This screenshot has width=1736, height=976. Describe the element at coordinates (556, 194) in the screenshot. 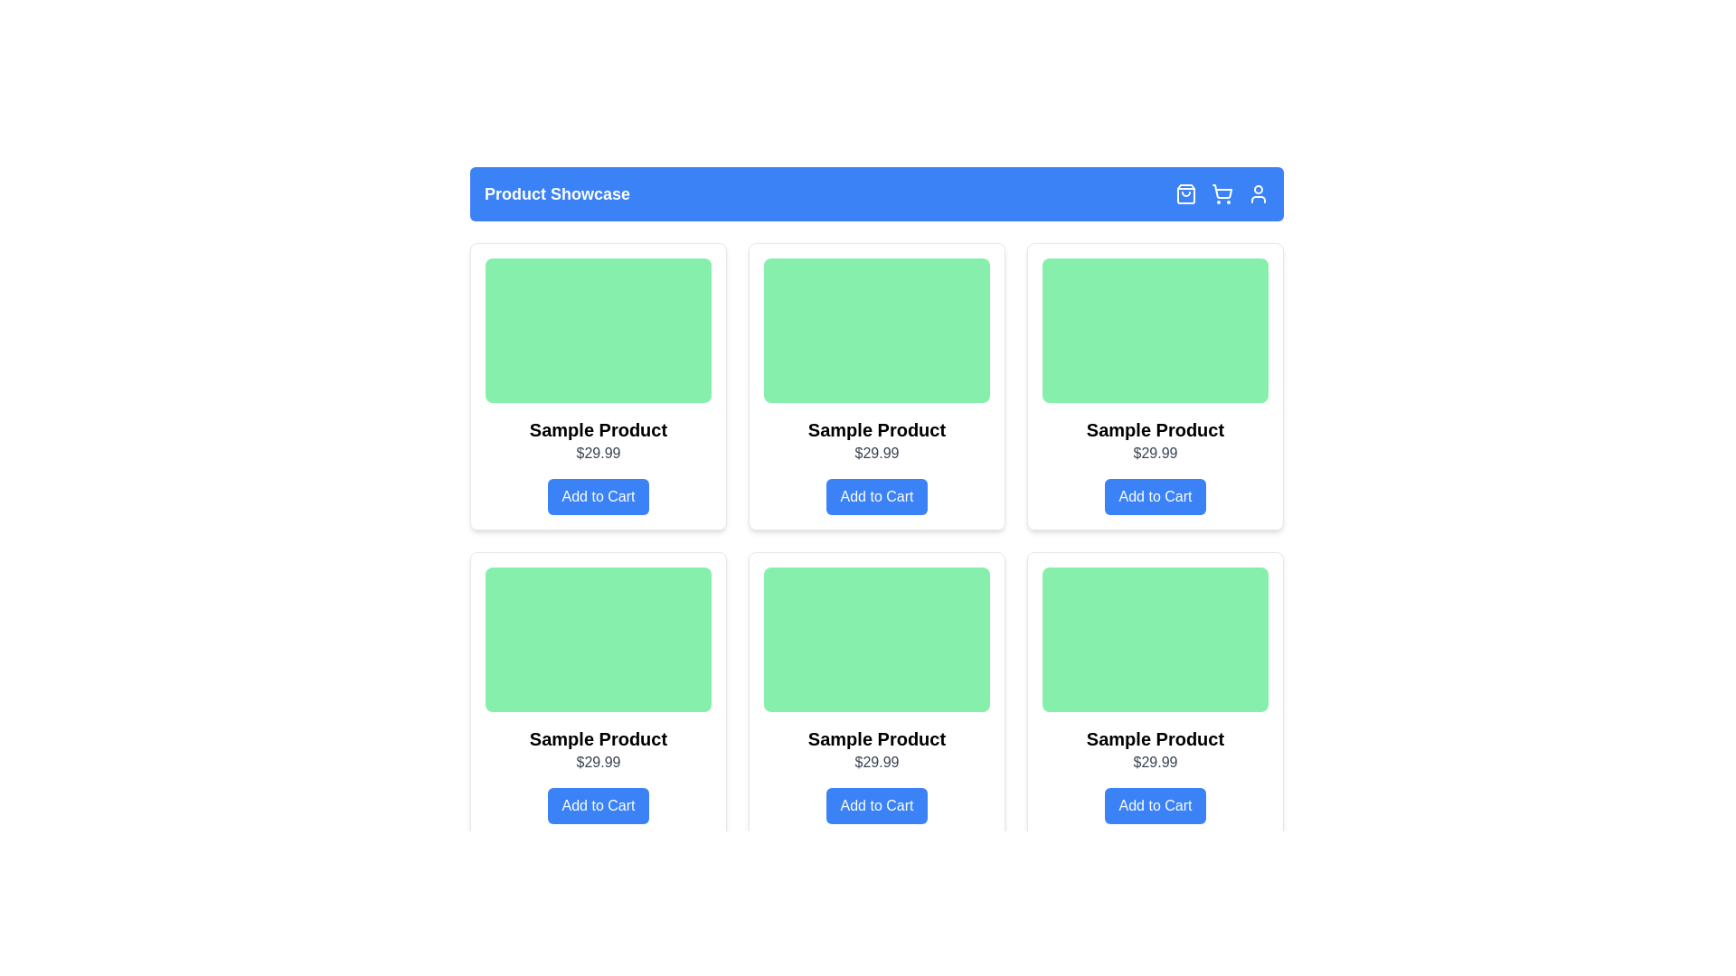

I see `the bold text label 'Product Showcase' in white color located in the header region of the interface` at that location.